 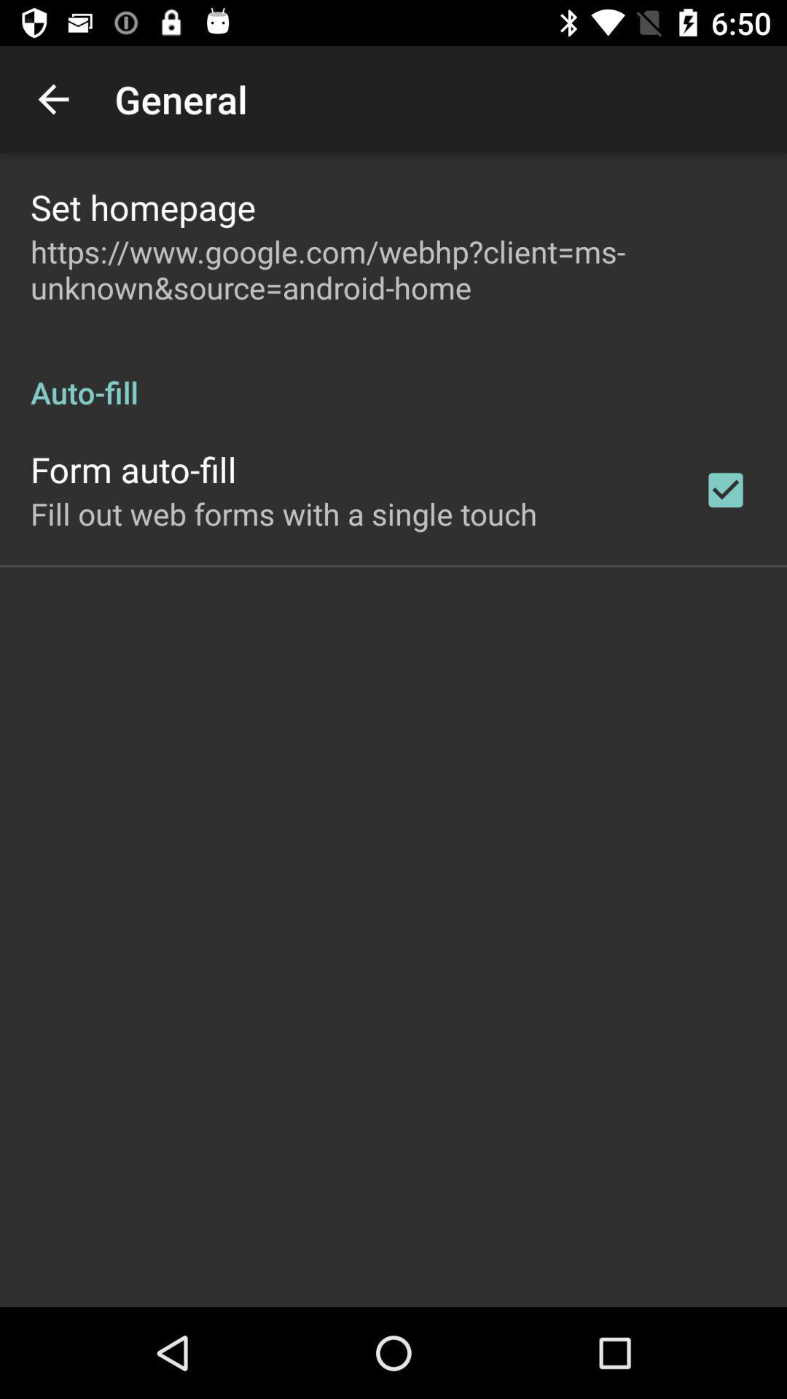 What do you see at coordinates (725, 490) in the screenshot?
I see `the icon on the right` at bounding box center [725, 490].